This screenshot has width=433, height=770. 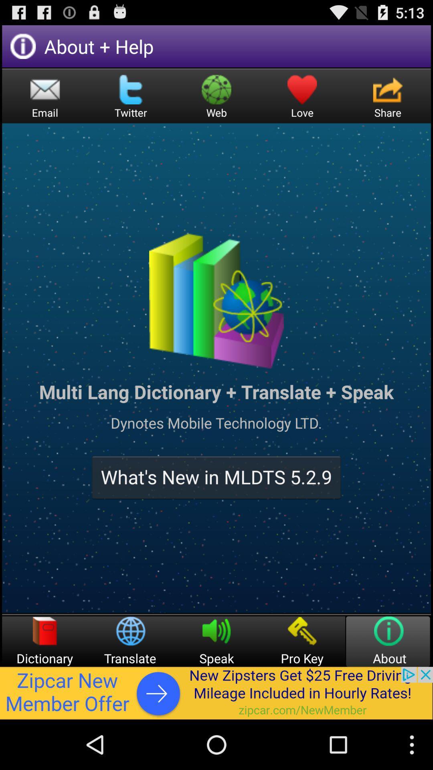 I want to click on interact with advertisement, so click(x=216, y=693).